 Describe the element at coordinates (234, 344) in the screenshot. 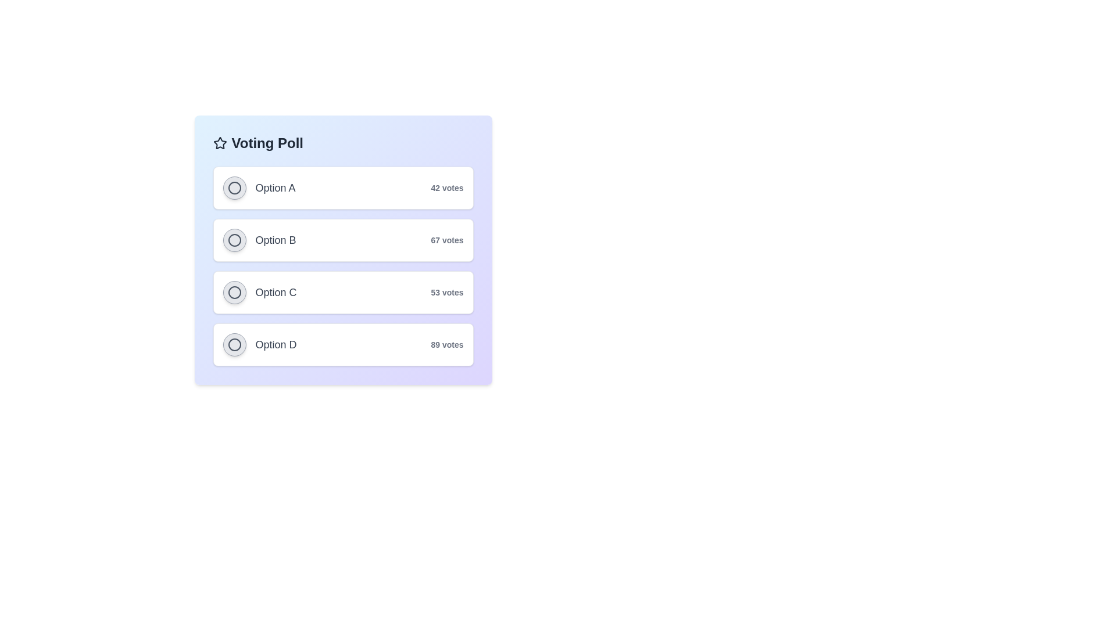

I see `the radio button indicator located to the left of the 'Option D' text in the fourth row of the voting options list for accessibility navigation` at that location.